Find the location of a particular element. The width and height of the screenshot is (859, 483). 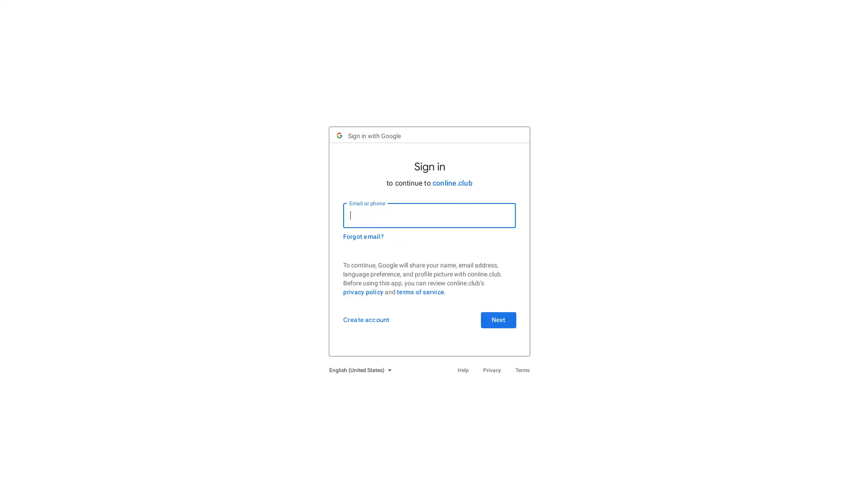

Create account is located at coordinates (370, 323).